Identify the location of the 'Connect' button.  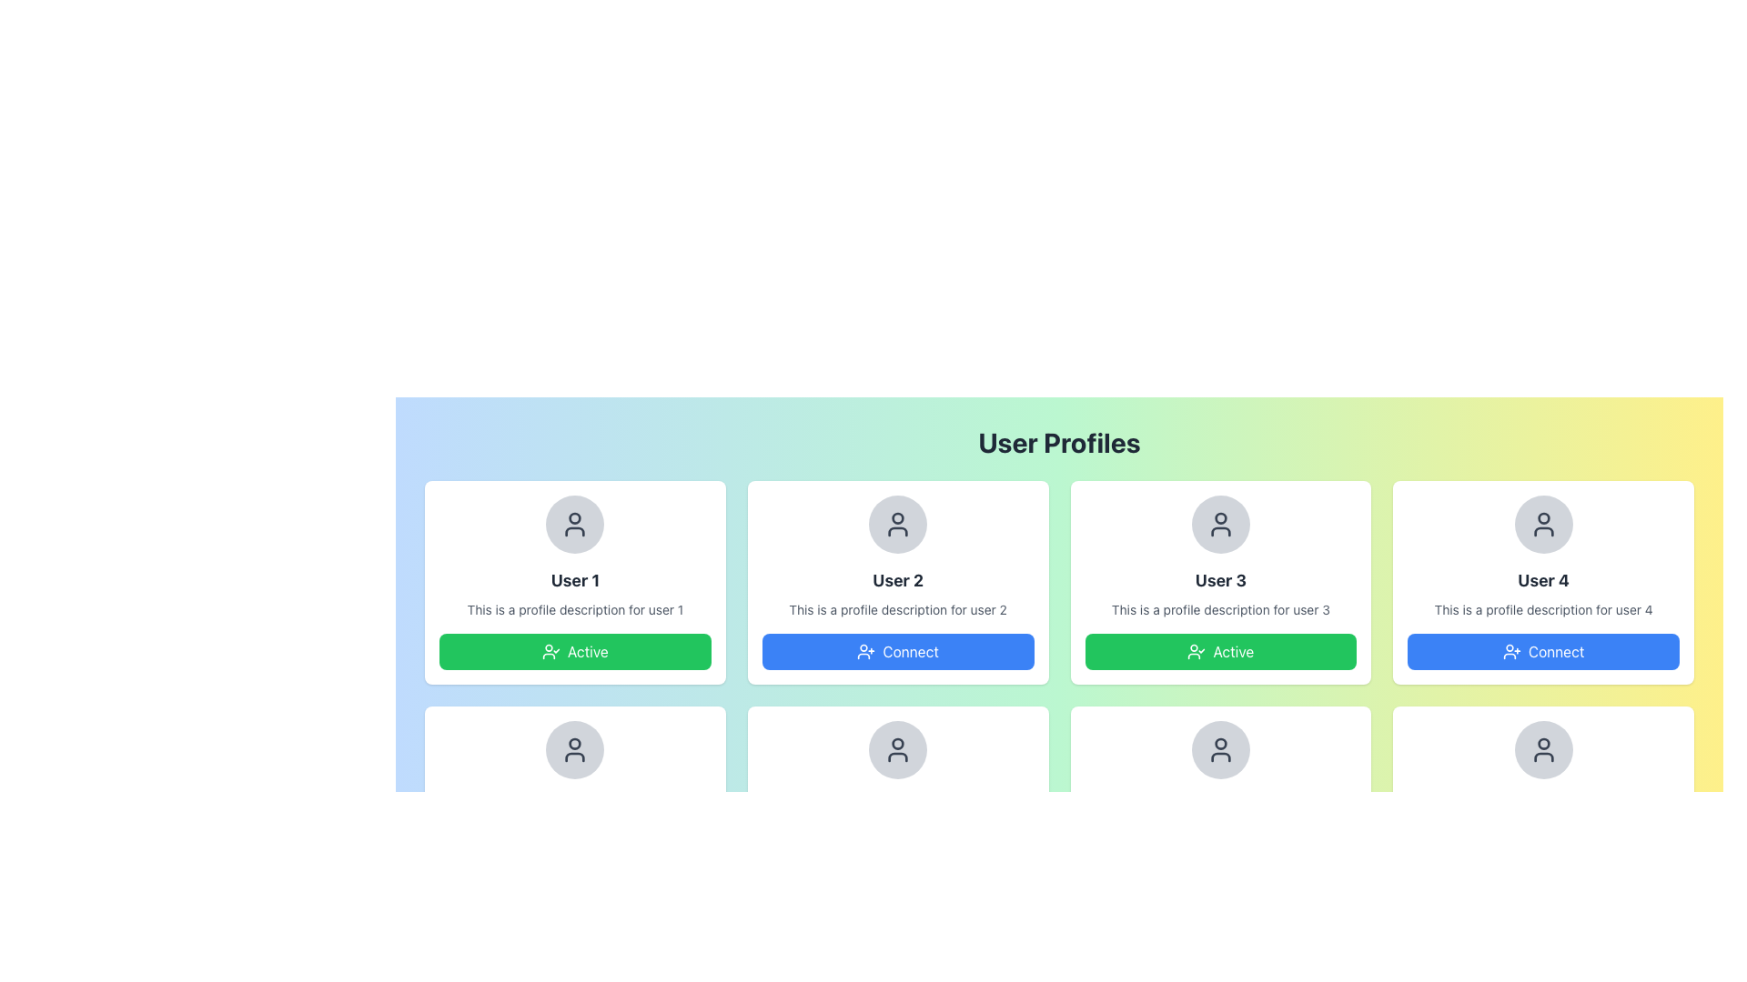
(1542, 651).